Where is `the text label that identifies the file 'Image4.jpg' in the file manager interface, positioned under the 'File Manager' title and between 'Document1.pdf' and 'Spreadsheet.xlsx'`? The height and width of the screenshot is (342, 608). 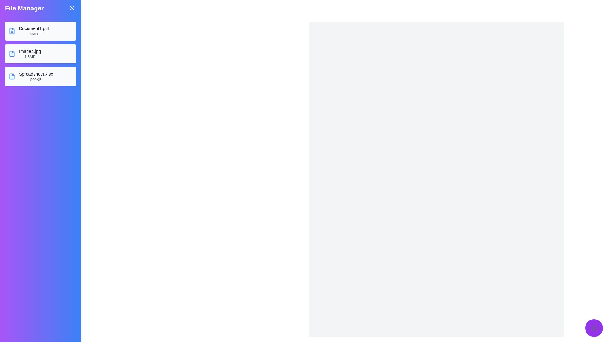 the text label that identifies the file 'Image4.jpg' in the file manager interface, positioned under the 'File Manager' title and between 'Document1.pdf' and 'Spreadsheet.xlsx' is located at coordinates (29, 51).